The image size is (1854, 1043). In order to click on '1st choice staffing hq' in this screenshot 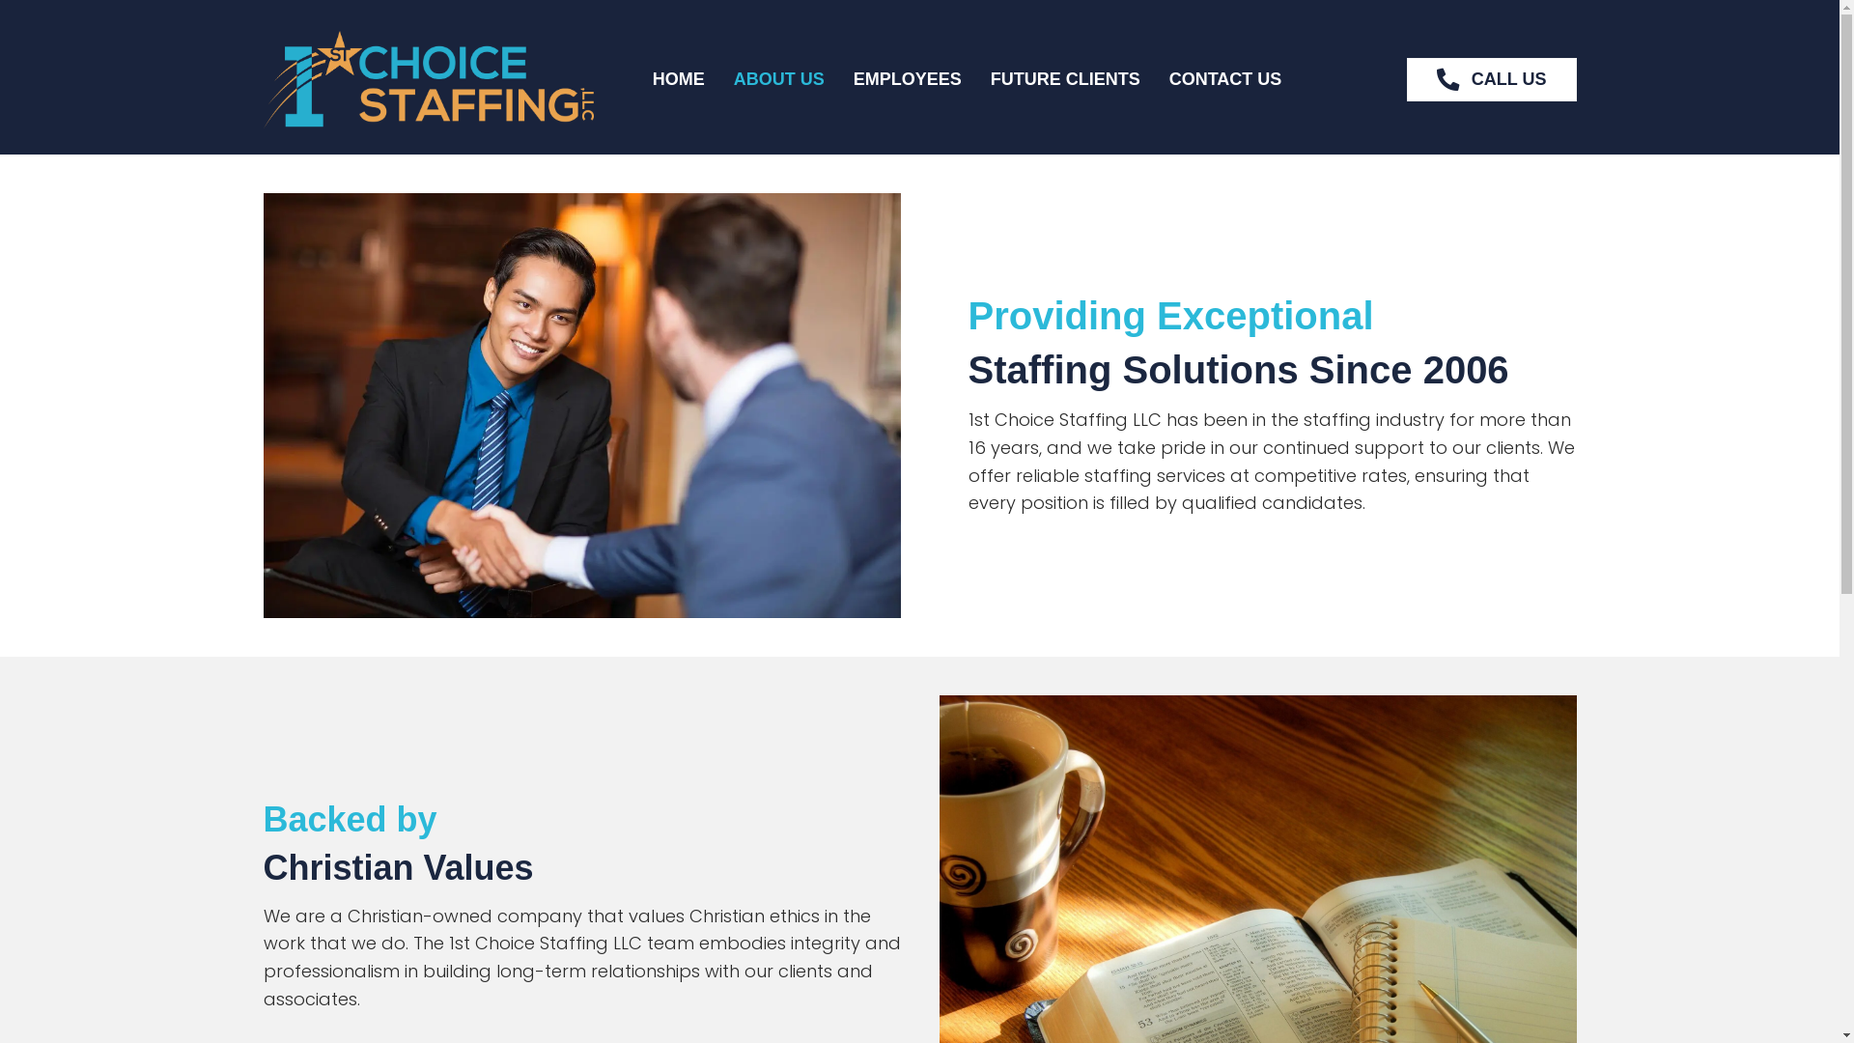, I will do `click(427, 78)`.